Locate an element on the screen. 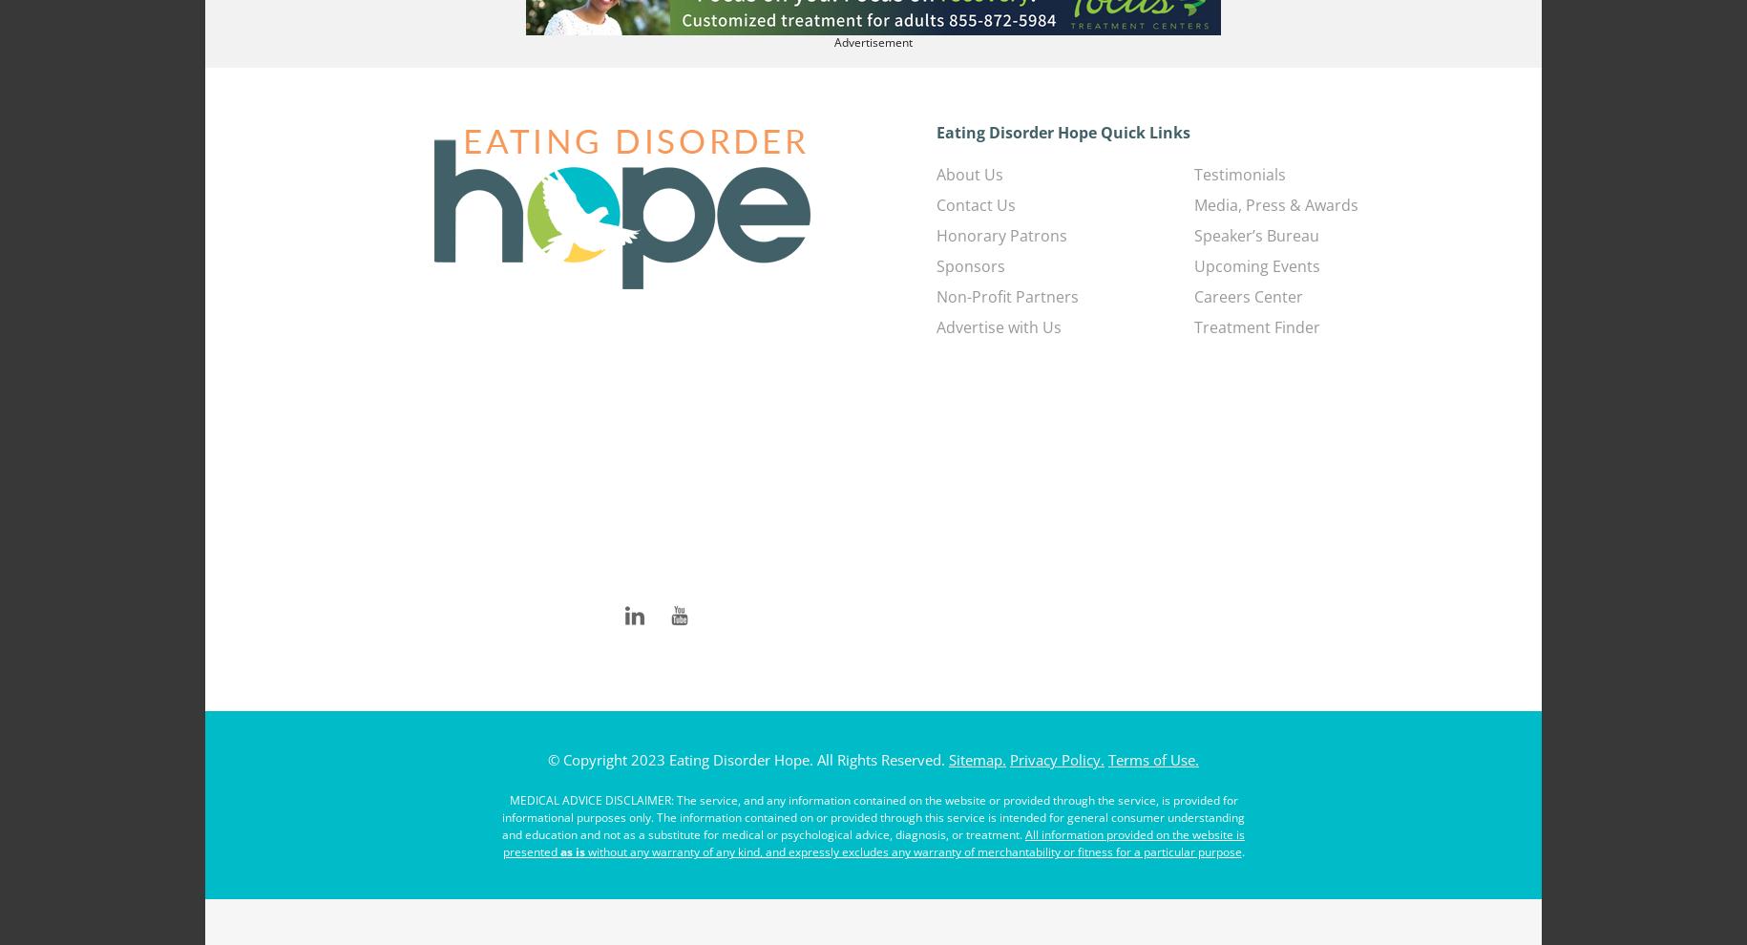 Image resolution: width=1747 pixels, height=945 pixels. 'MEDICAL ADVICE DISCLAIMER: The service, and any information contained on the website or provided through the service, is provided for informational purposes only. The information contained on or provided through this service is intended for general consumer understanding and education and not as a substitute for medical or psychological advice, diagnosis, or treatment.' is located at coordinates (873, 817).